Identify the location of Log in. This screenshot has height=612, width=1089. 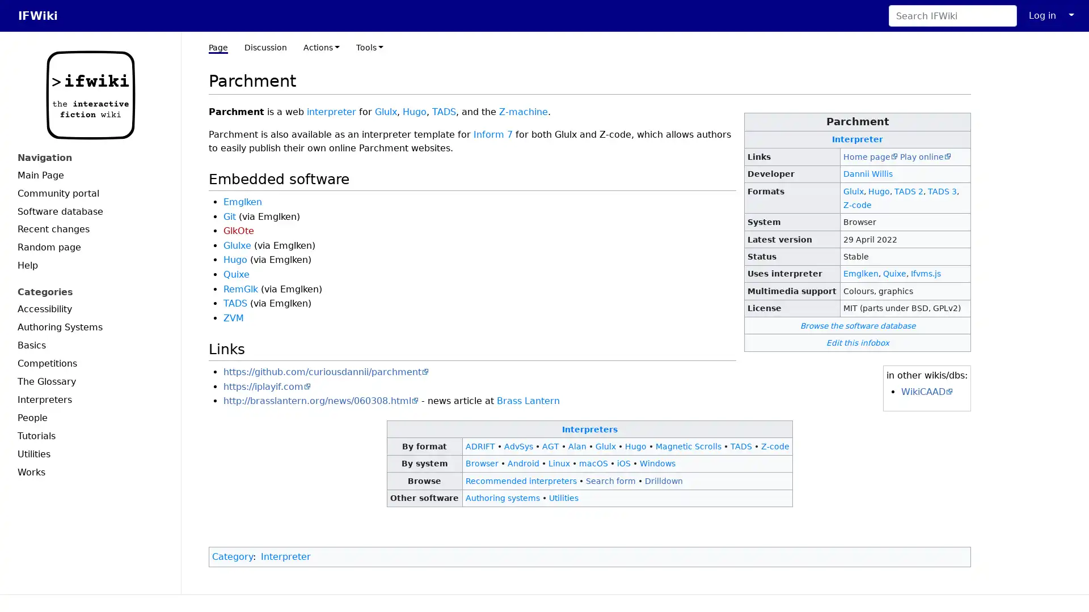
(1042, 15).